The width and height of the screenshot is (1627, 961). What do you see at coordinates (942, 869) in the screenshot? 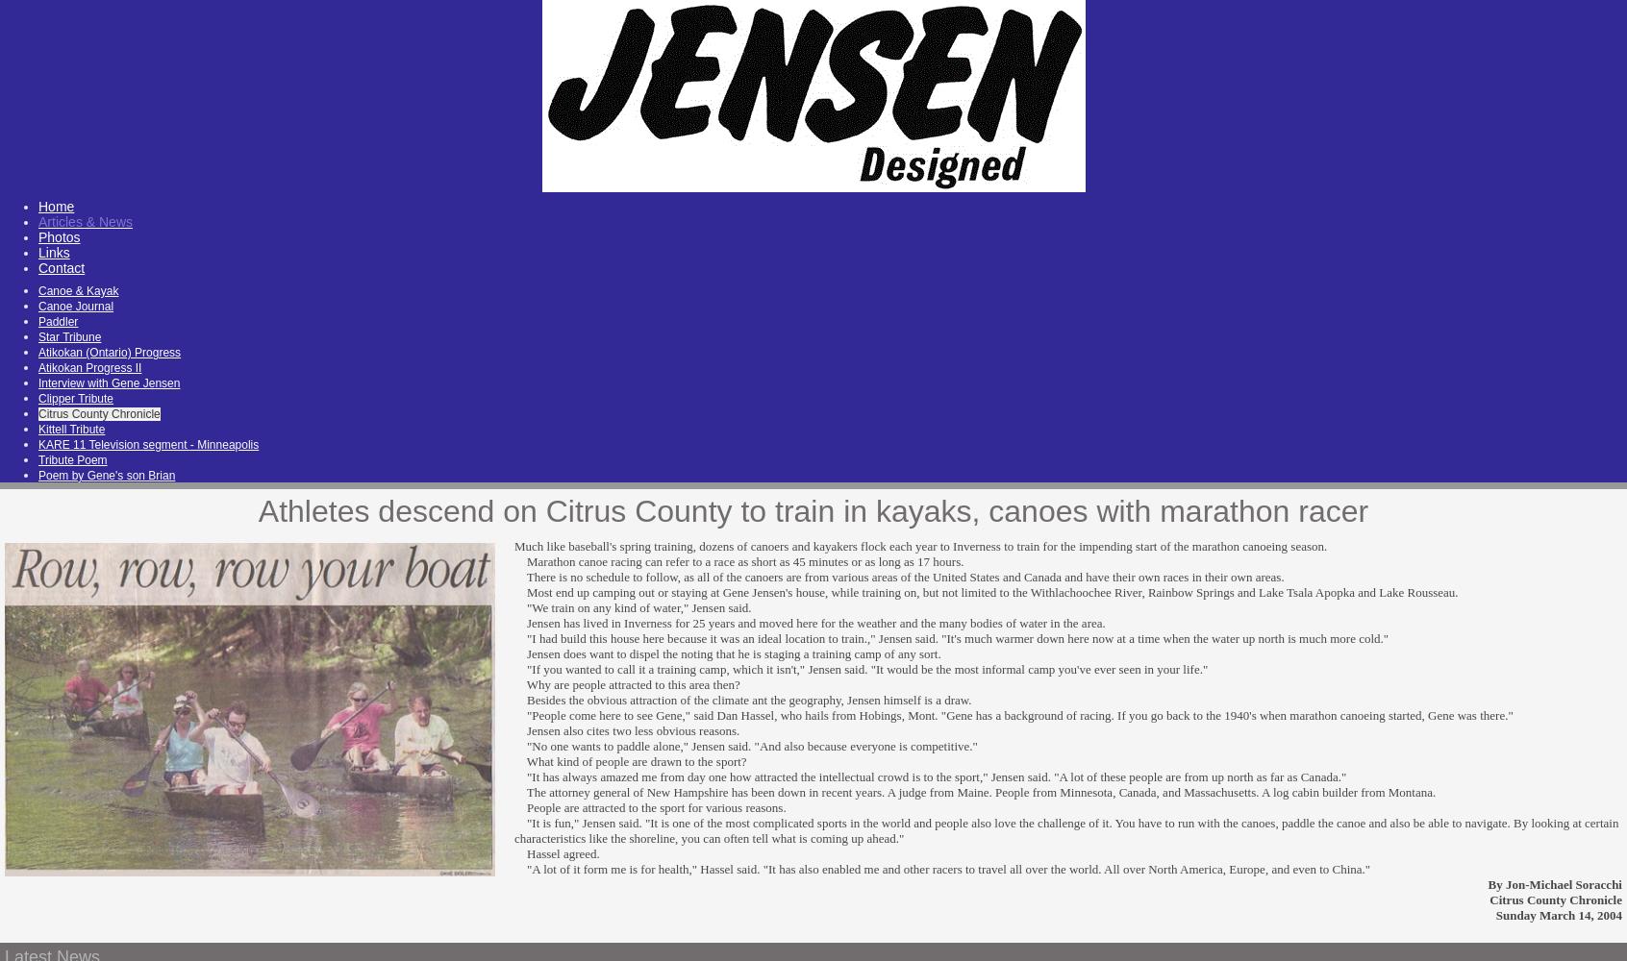
I see `'"A lot of it form me is for health," Hassel said. "It has also enabled me and other racers to travel all over the world. All over North America, Europe, and even to
China."'` at bounding box center [942, 869].